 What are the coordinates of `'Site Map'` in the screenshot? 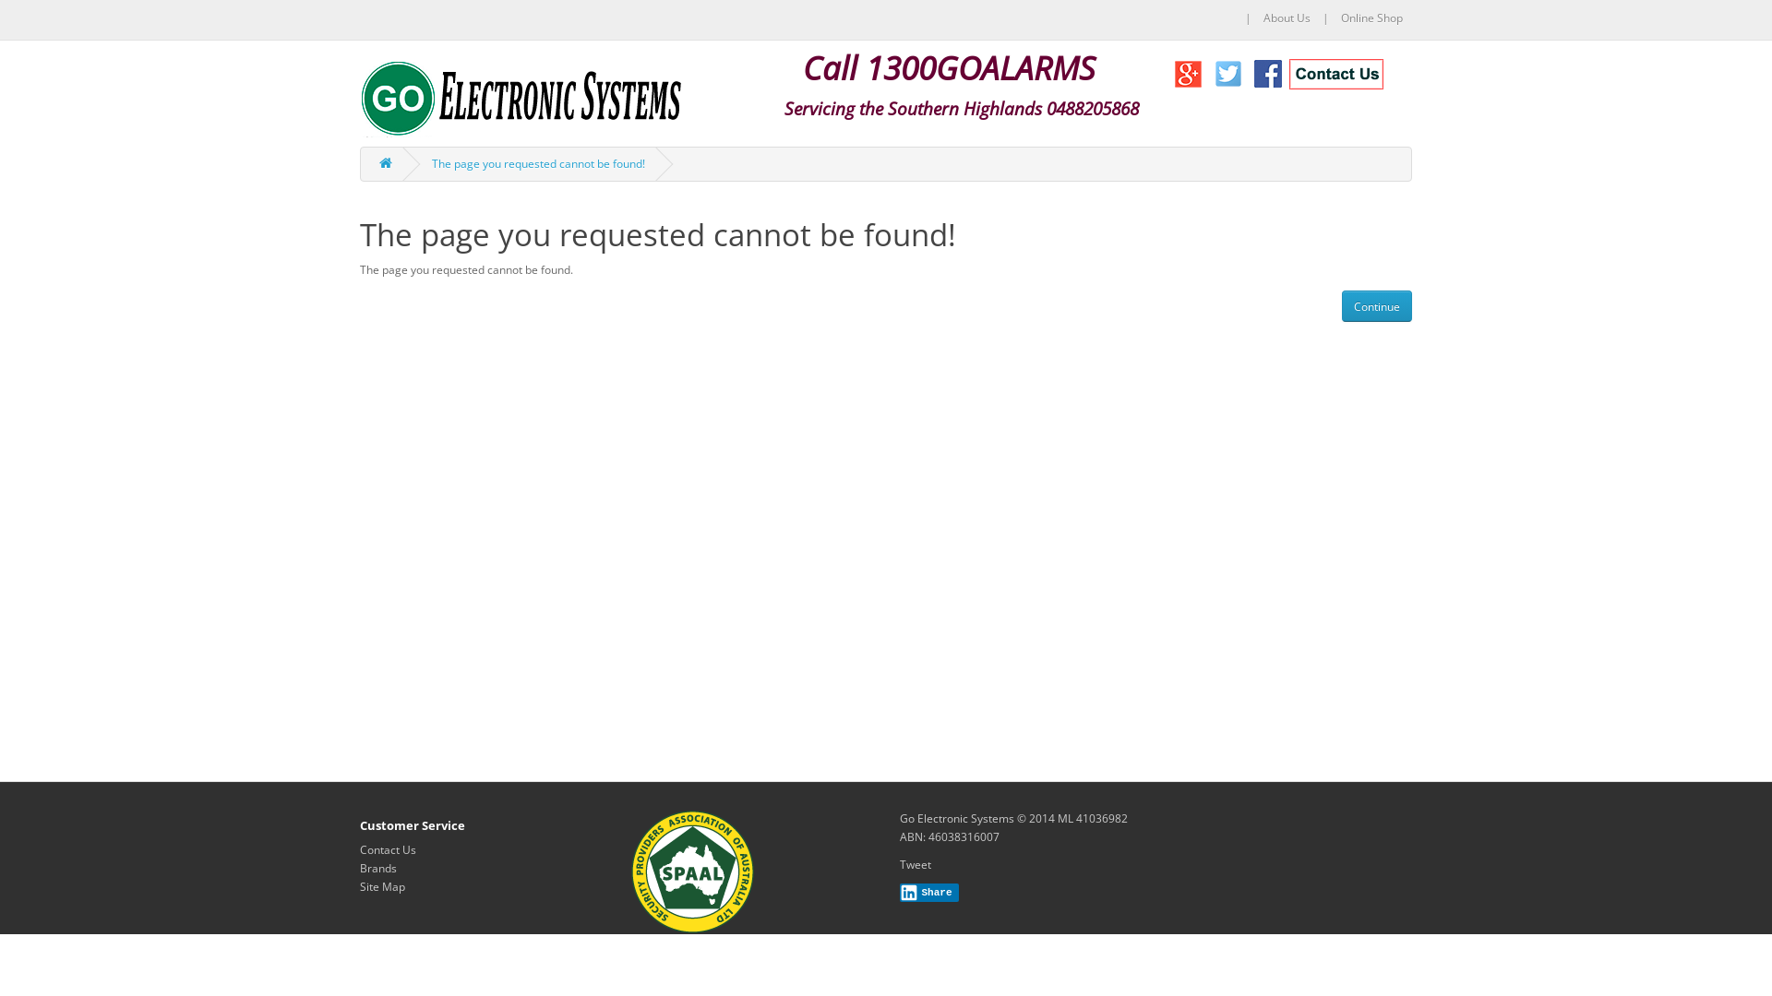 It's located at (359, 885).